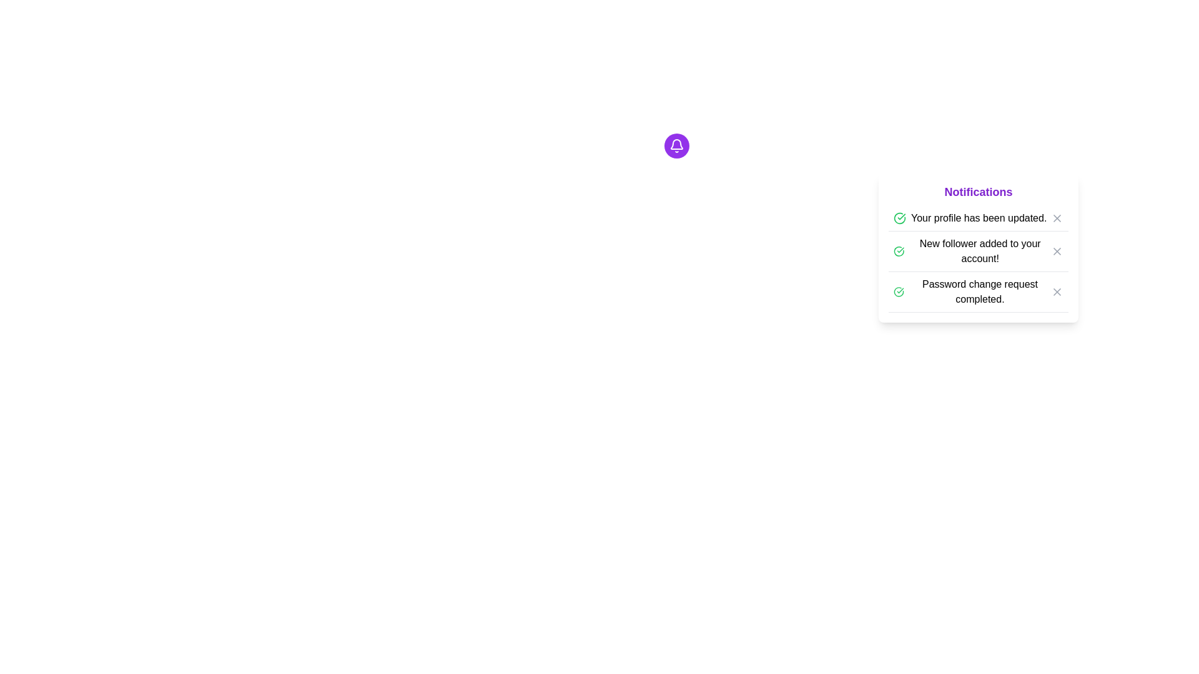 Image resolution: width=1199 pixels, height=674 pixels. I want to click on the gray 'X' icon on the right side of the notification bar, so click(1057, 218).